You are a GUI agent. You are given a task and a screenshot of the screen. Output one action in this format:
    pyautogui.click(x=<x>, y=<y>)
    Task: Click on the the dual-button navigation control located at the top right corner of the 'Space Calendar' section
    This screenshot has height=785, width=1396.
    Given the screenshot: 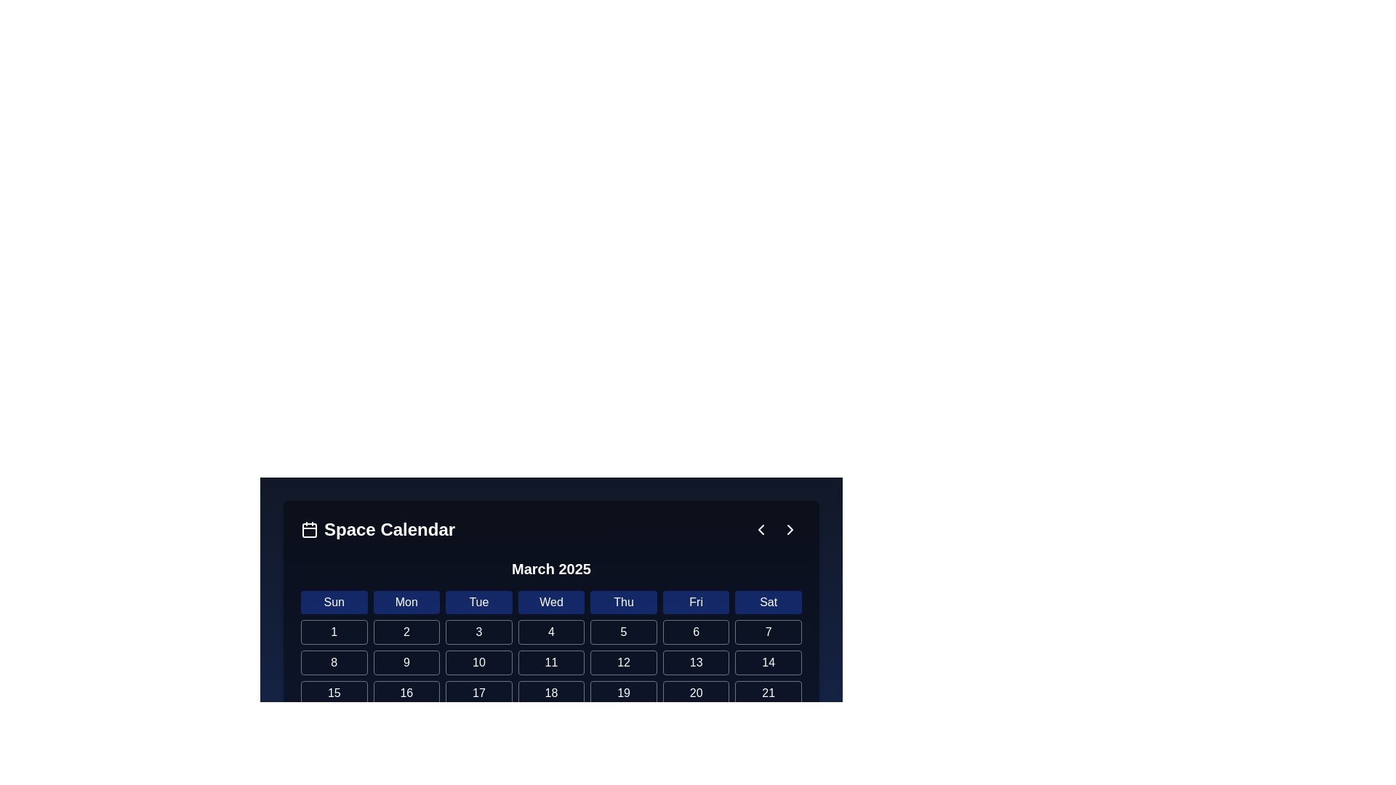 What is the action you would take?
    pyautogui.click(x=774, y=530)
    